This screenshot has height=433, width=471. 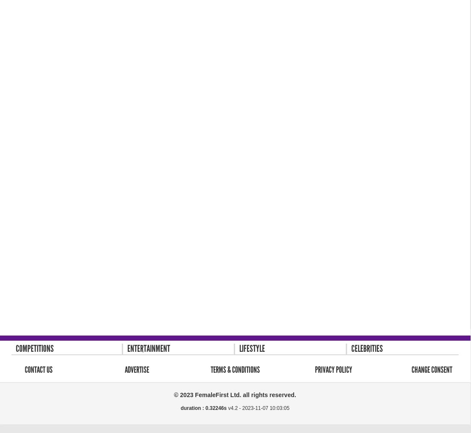 What do you see at coordinates (367, 348) in the screenshot?
I see `'Celebrities'` at bounding box center [367, 348].